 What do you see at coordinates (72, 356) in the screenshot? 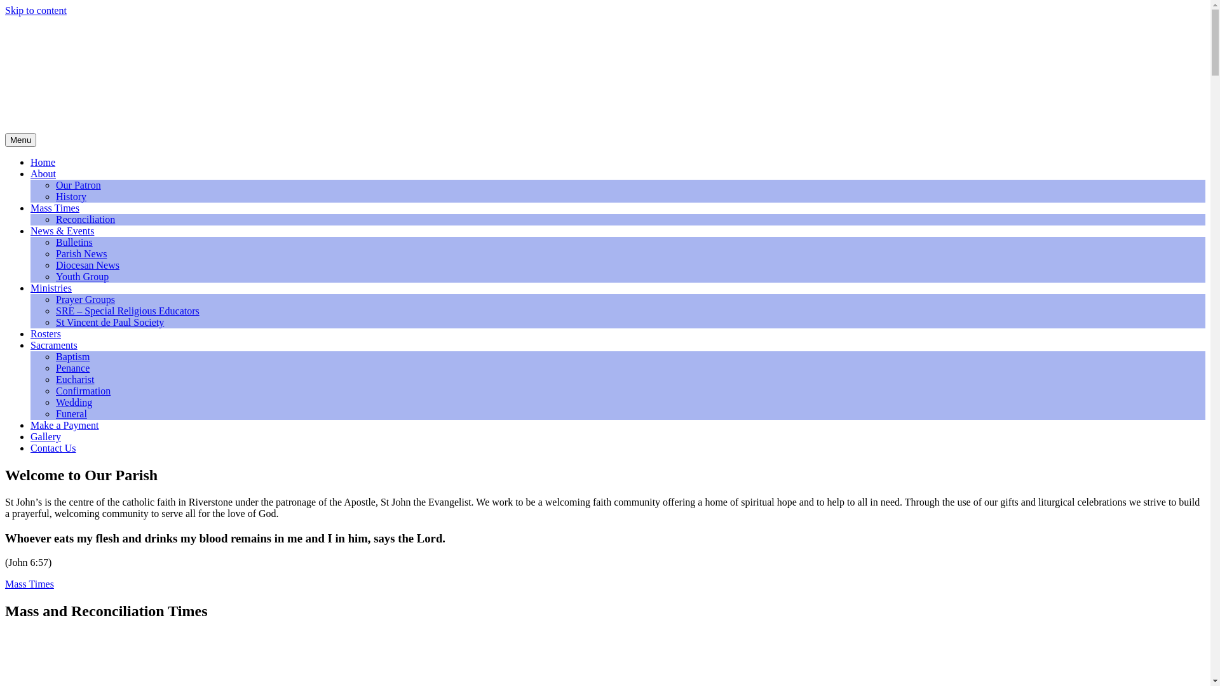
I see `'Baptism'` at bounding box center [72, 356].